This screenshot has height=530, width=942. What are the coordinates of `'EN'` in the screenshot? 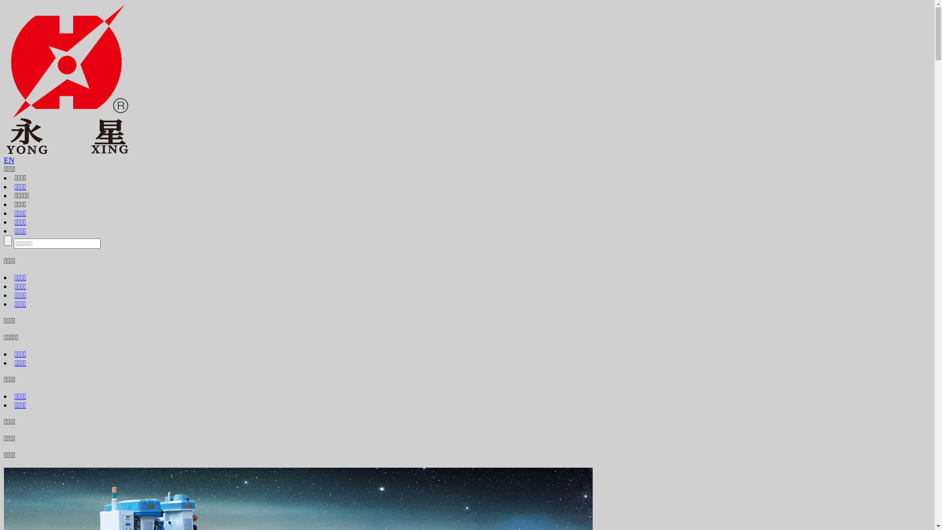 It's located at (9, 159).